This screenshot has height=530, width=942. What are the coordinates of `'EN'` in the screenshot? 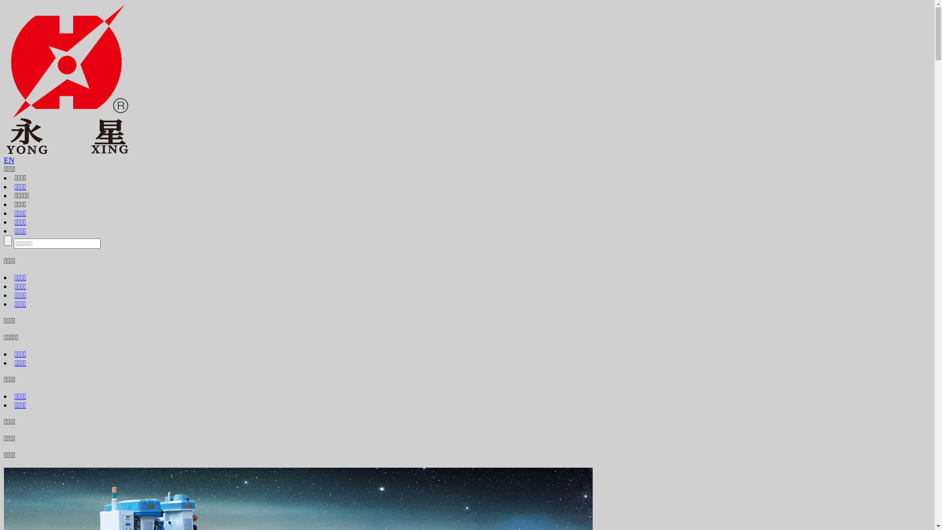 It's located at (9, 159).